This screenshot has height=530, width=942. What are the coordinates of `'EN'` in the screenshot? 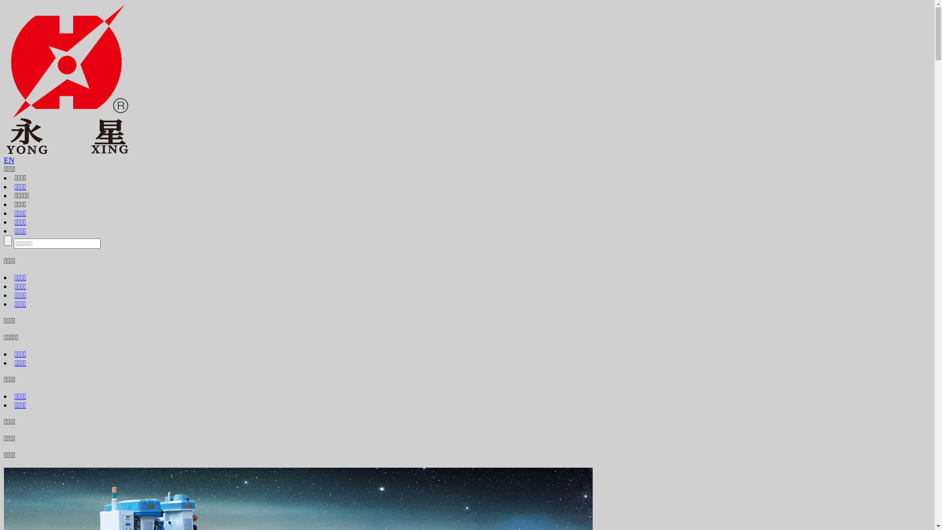 It's located at (9, 159).